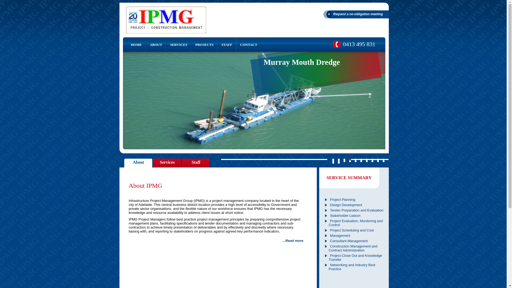 The image size is (512, 288). What do you see at coordinates (333, 162) in the screenshot?
I see `'21'` at bounding box center [333, 162].